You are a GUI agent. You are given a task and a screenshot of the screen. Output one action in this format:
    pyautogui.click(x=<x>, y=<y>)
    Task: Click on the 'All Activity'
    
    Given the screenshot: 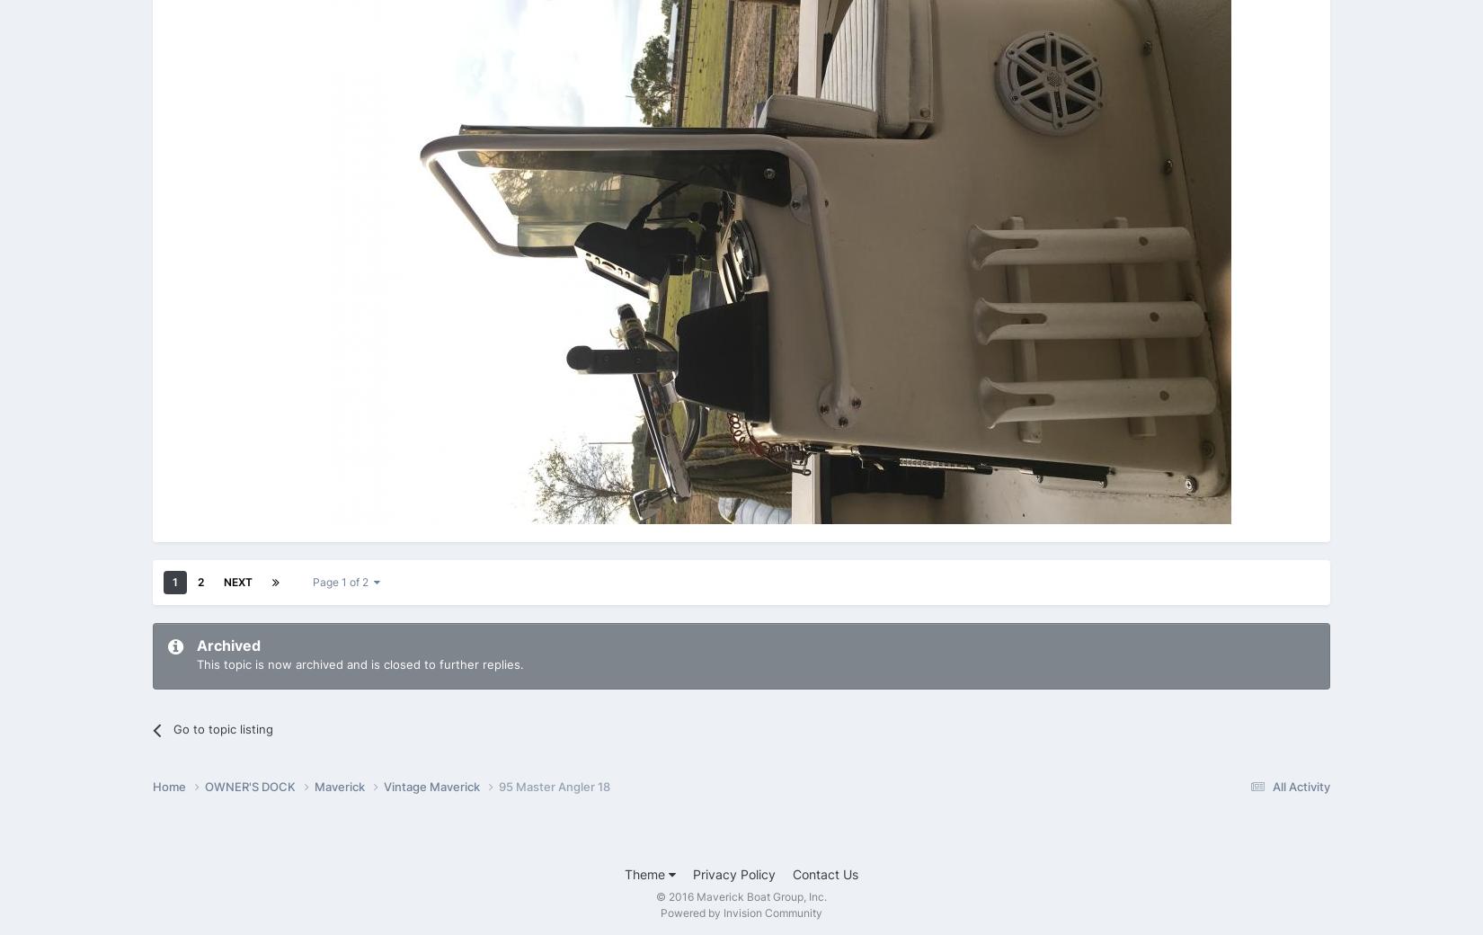 What is the action you would take?
    pyautogui.click(x=1301, y=785)
    